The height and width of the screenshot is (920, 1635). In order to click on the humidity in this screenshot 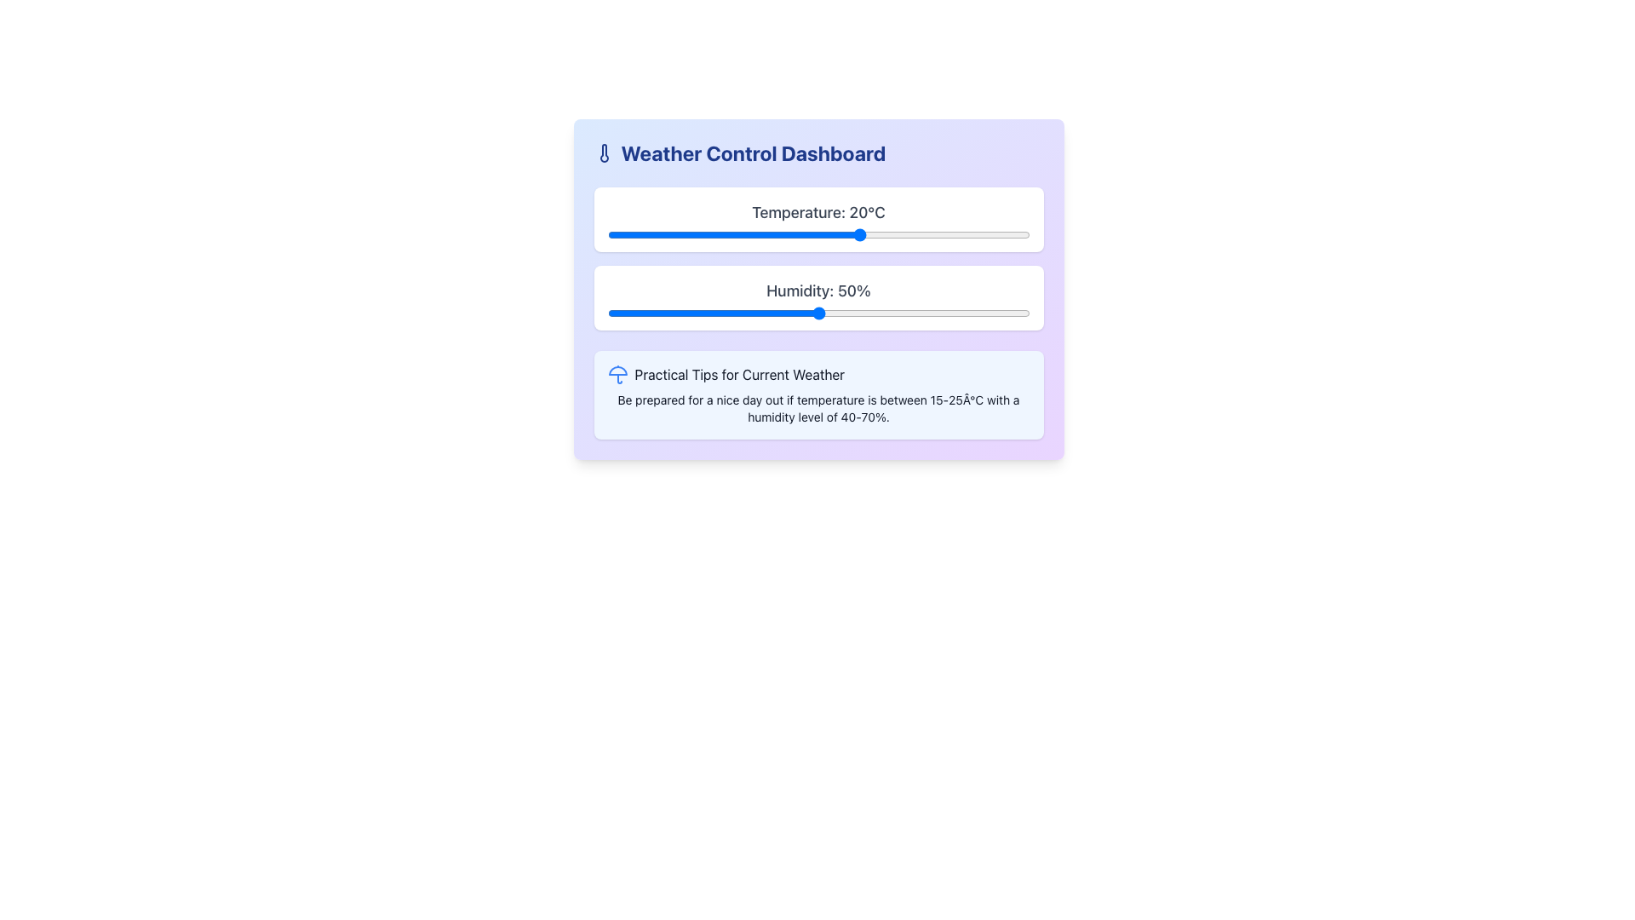, I will do `click(818, 313)`.